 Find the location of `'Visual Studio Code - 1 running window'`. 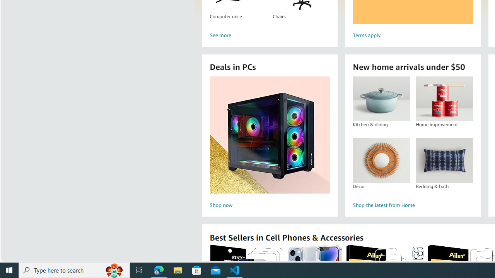

'Visual Studio Code - 1 running window' is located at coordinates (234, 270).